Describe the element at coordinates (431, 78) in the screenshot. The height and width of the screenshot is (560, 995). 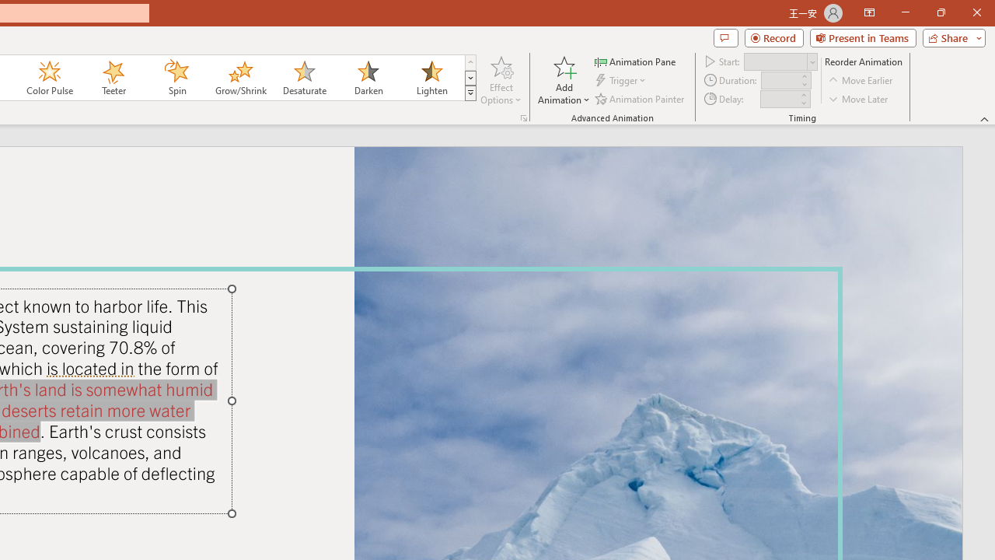
I see `'Lighten'` at that location.